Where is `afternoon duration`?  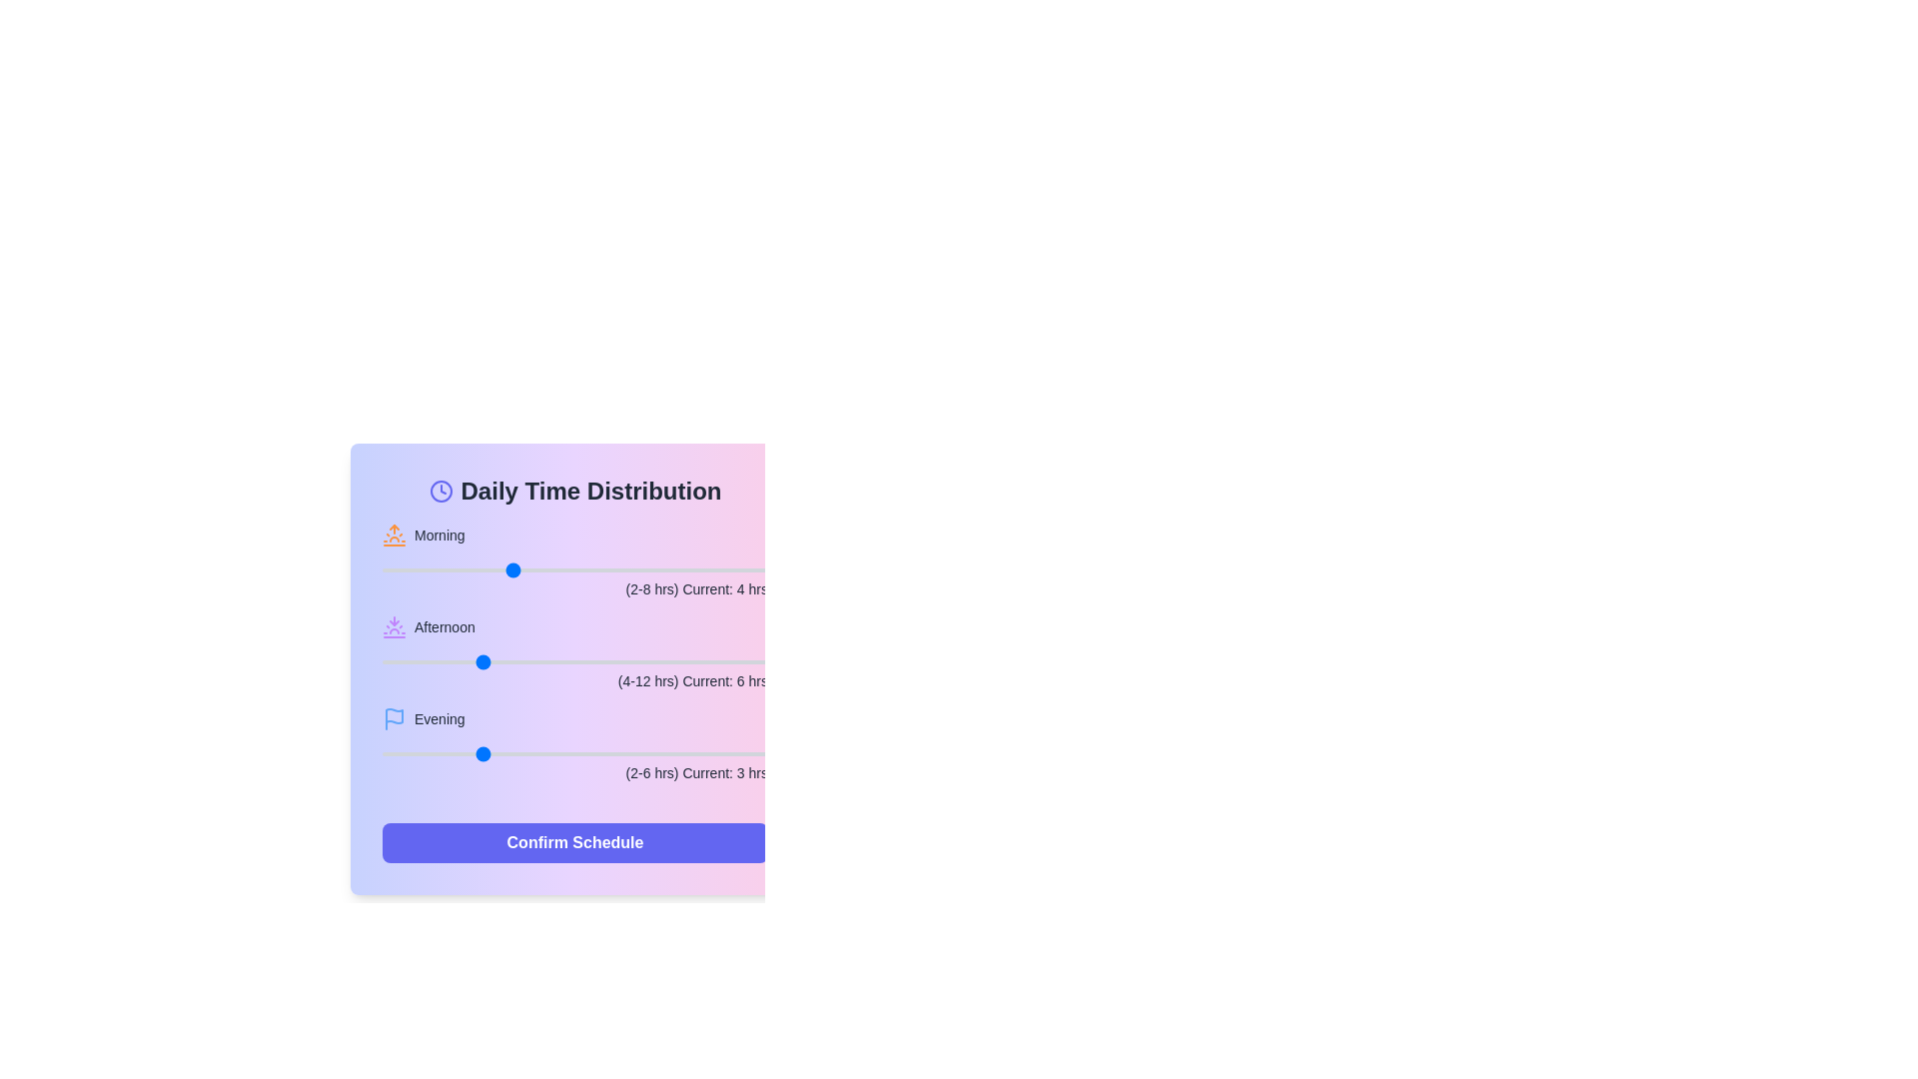
afternoon duration is located at coordinates (622, 662).